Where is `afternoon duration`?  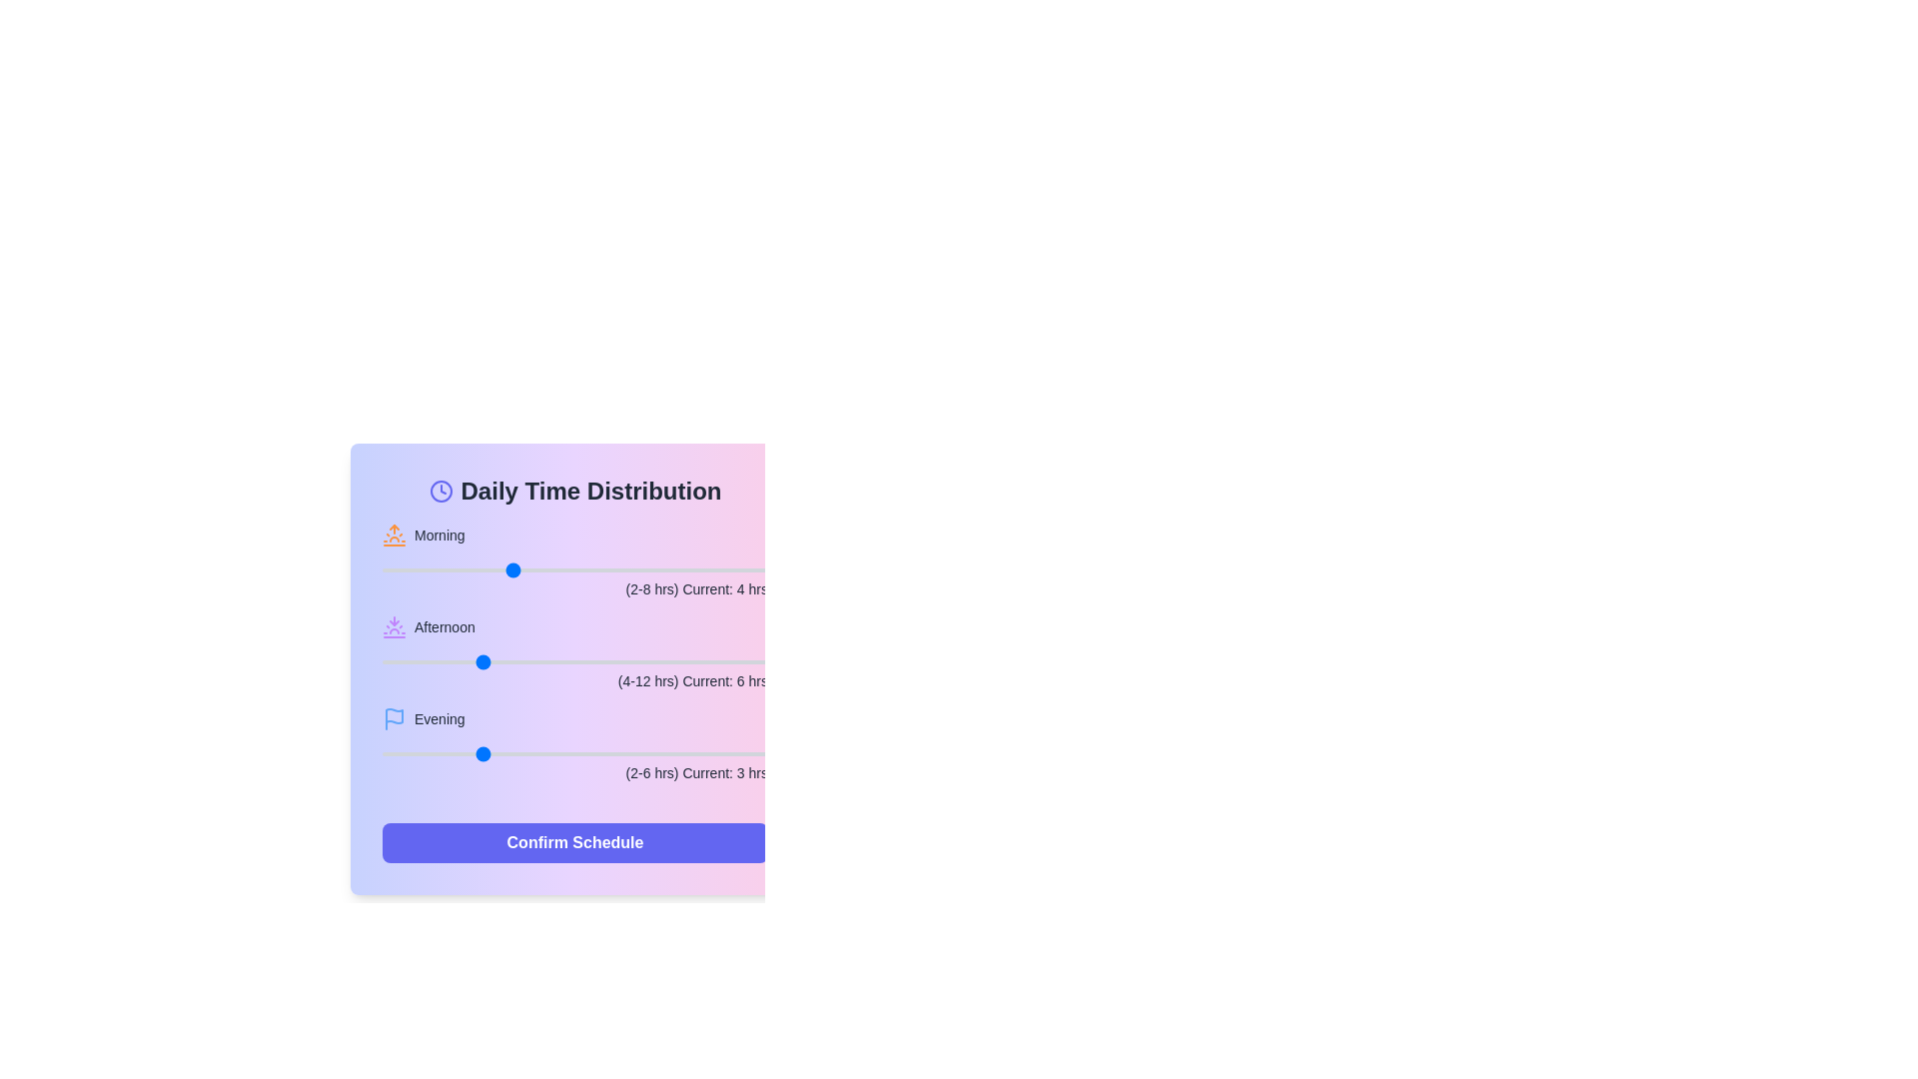
afternoon duration is located at coordinates (622, 662).